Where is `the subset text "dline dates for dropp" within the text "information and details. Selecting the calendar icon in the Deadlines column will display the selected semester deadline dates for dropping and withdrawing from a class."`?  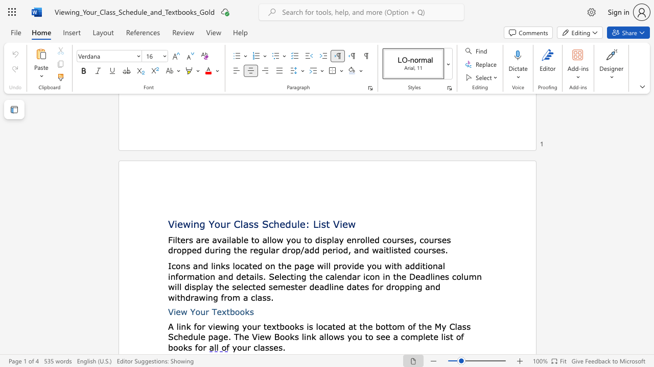
the subset text "dline dates for dropp" within the text "information and details. Selecting the calendar icon in the Deadlines column will display the selected semester deadline dates for dropping and withdrawing from a class." is located at coordinates (323, 286).